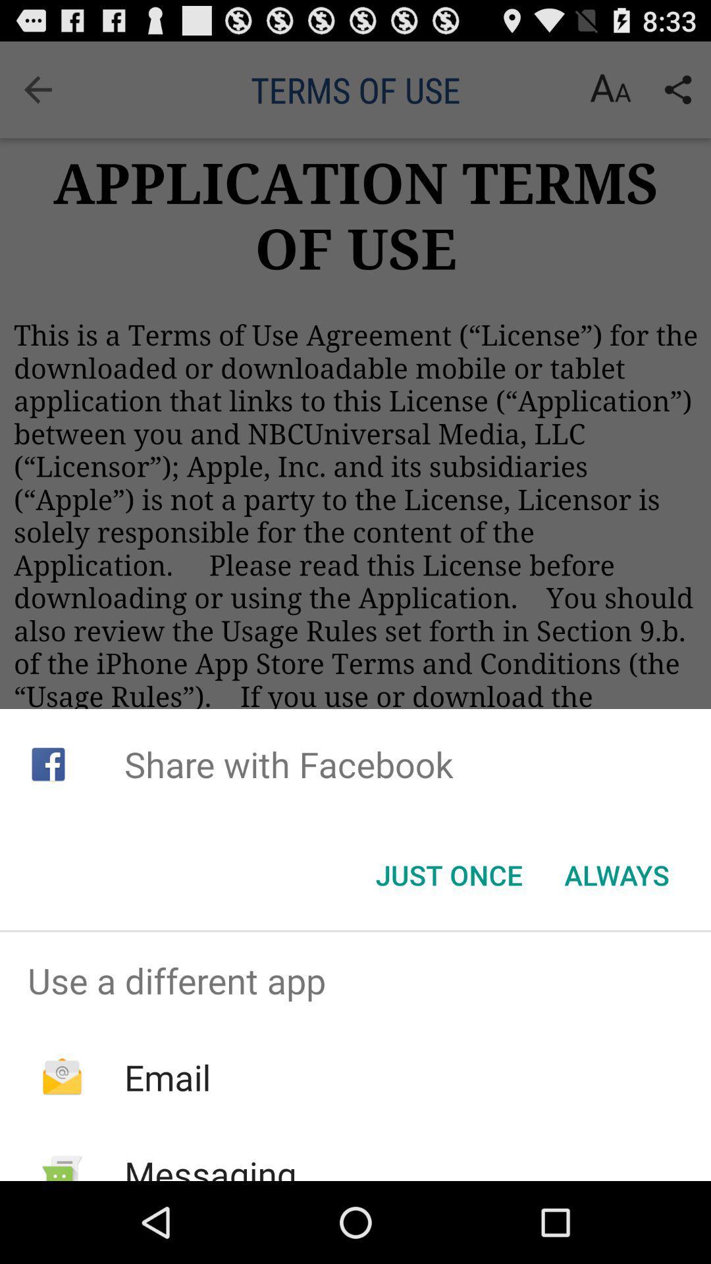 Image resolution: width=711 pixels, height=1264 pixels. Describe the element at coordinates (617, 875) in the screenshot. I see `the button next to the just once item` at that location.